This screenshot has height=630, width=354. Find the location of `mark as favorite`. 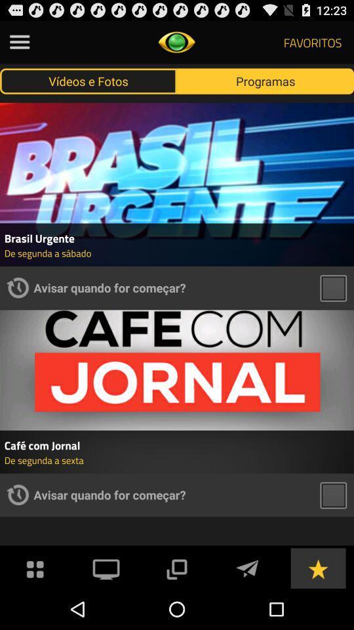

mark as favorite is located at coordinates (317, 567).